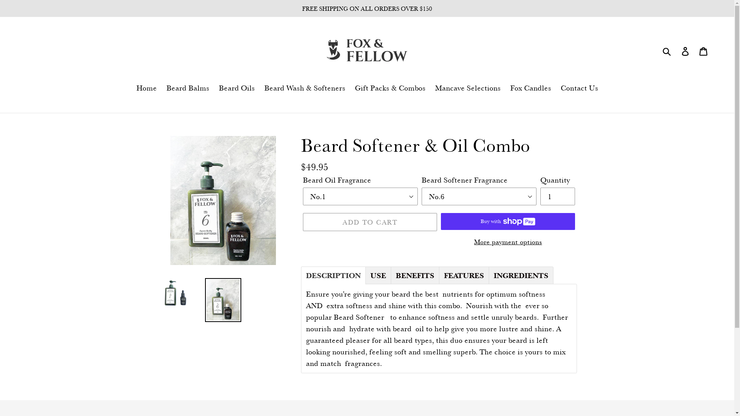  I want to click on 'Home', so click(146, 88).